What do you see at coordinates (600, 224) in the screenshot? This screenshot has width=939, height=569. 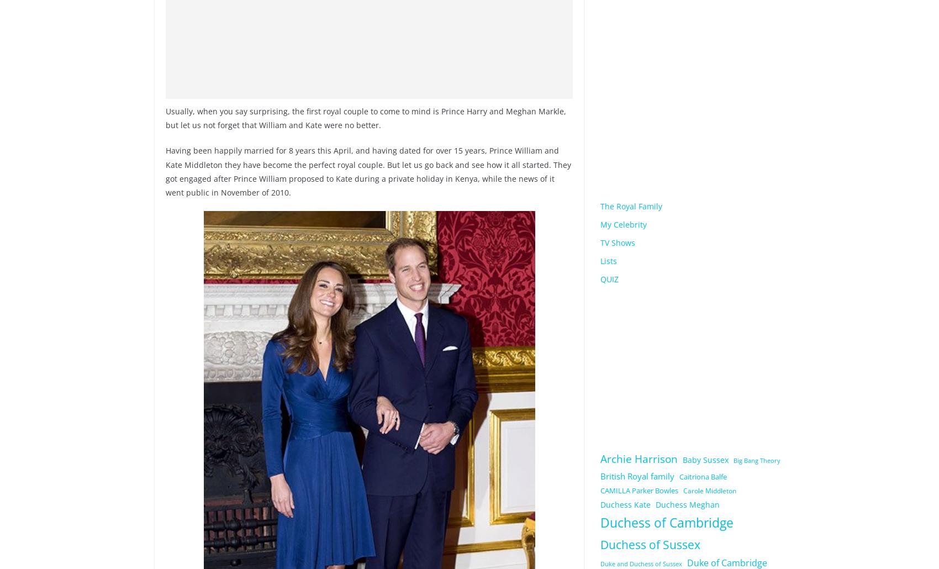 I see `'My Celebrity'` at bounding box center [600, 224].